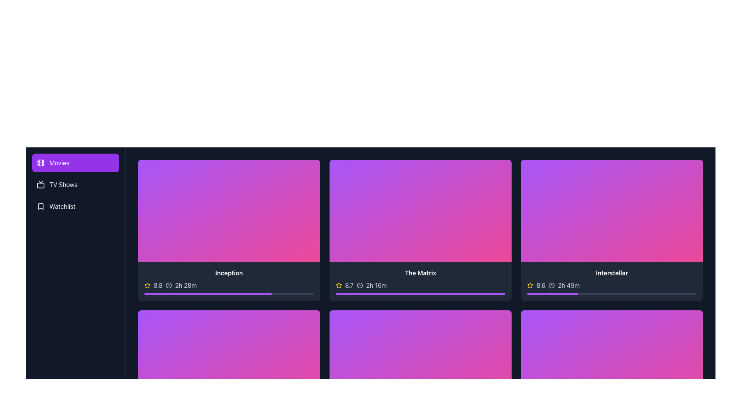  What do you see at coordinates (63, 184) in the screenshot?
I see `the 'TV Shows' text label in the navigation menu` at bounding box center [63, 184].